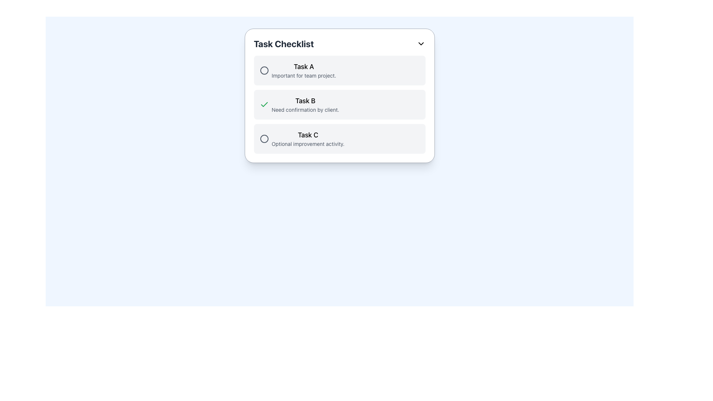 The width and height of the screenshot is (713, 401). I want to click on the checkbox for 'Task B' in the checklist to mark it as complete, so click(339, 104).